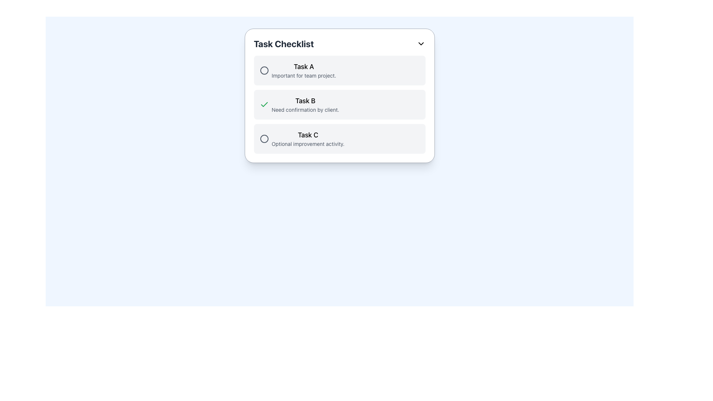 The width and height of the screenshot is (713, 401). I want to click on the checkbox for 'Task B' in the checklist to mark it as complete, so click(339, 104).